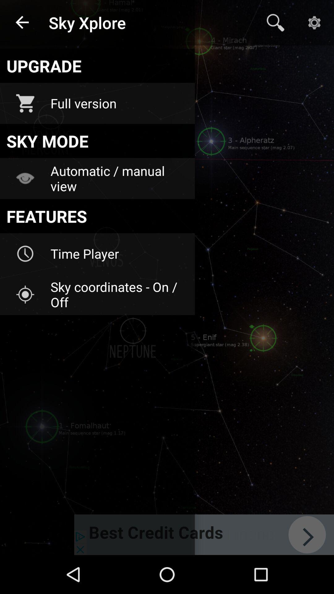 The width and height of the screenshot is (334, 594). What do you see at coordinates (22, 23) in the screenshot?
I see `the item next to the sky xplore icon` at bounding box center [22, 23].